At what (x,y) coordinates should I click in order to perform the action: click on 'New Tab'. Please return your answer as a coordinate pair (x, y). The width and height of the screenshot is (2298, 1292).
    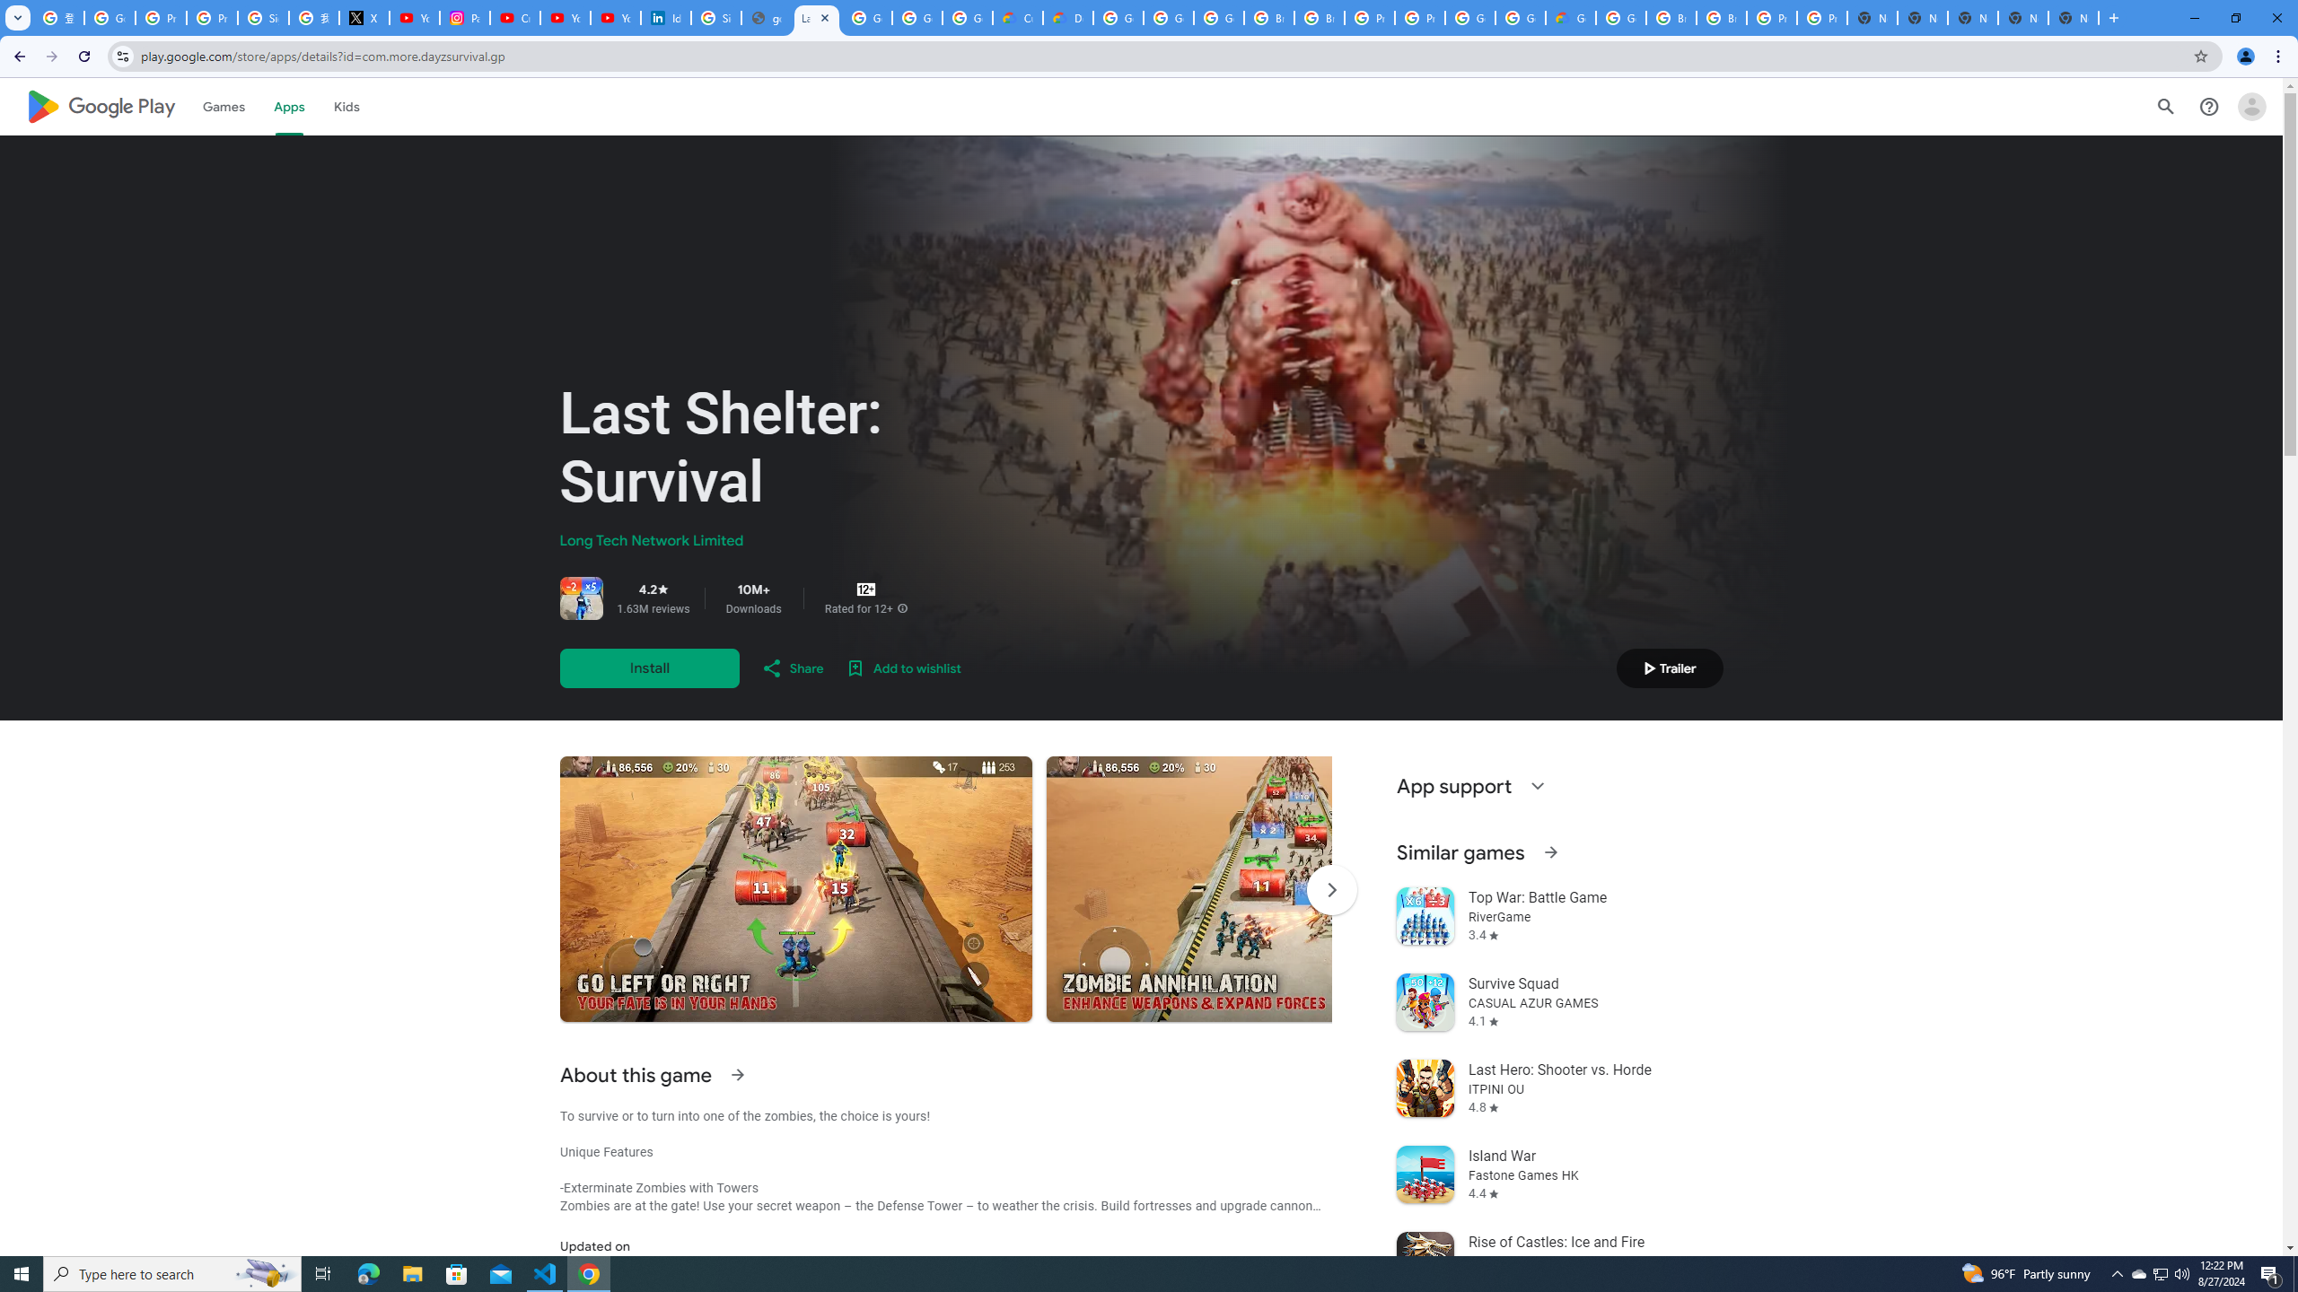
    Looking at the image, I should click on (2074, 17).